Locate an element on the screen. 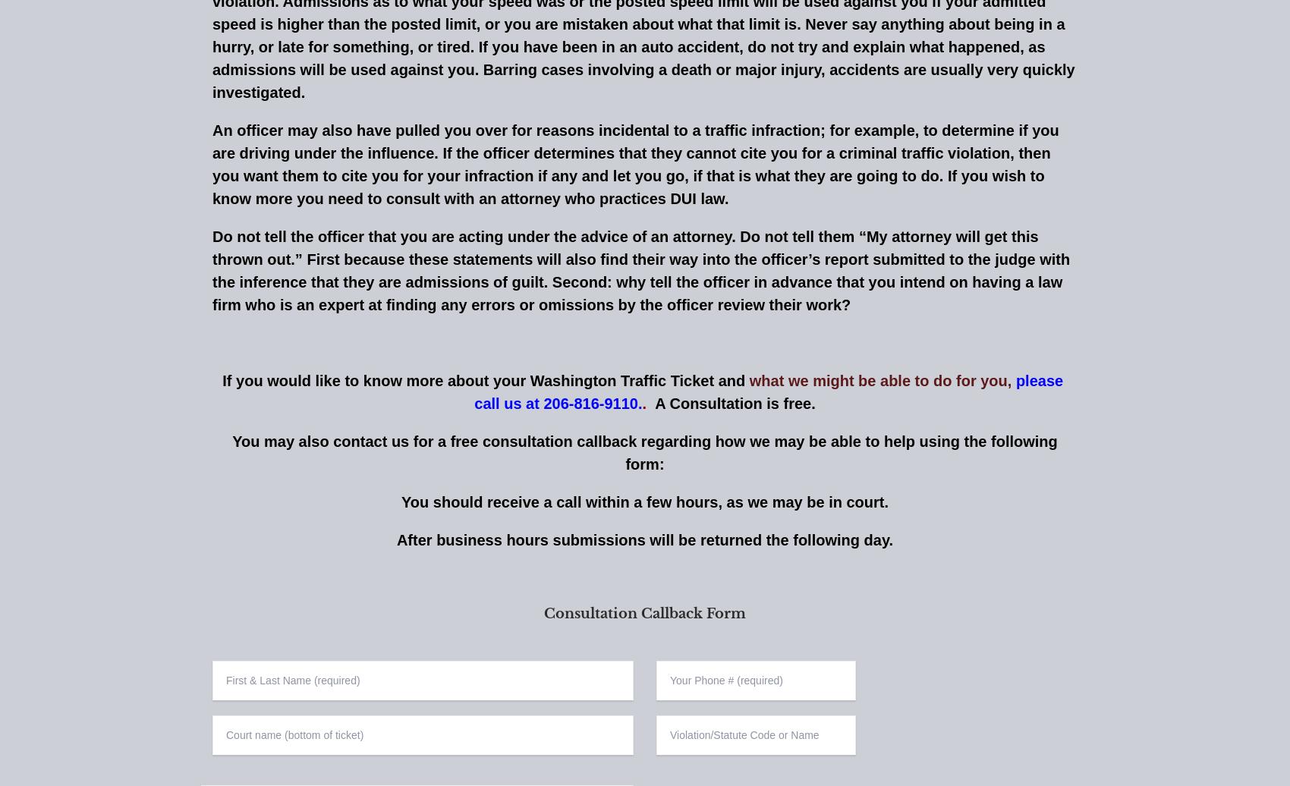  'An officer may also have pulled you over for reasons incidental to a traffic infraction; for example, to determine if you are driving under the influence. If the officer determines that they cannot cite you for a criminal traffic violation, then you want them to cite you for your infraction if any and let you go, if that is what they are going to do. If you wish to know more you need to consult with an attorney who practices DUI law.' is located at coordinates (634, 164).